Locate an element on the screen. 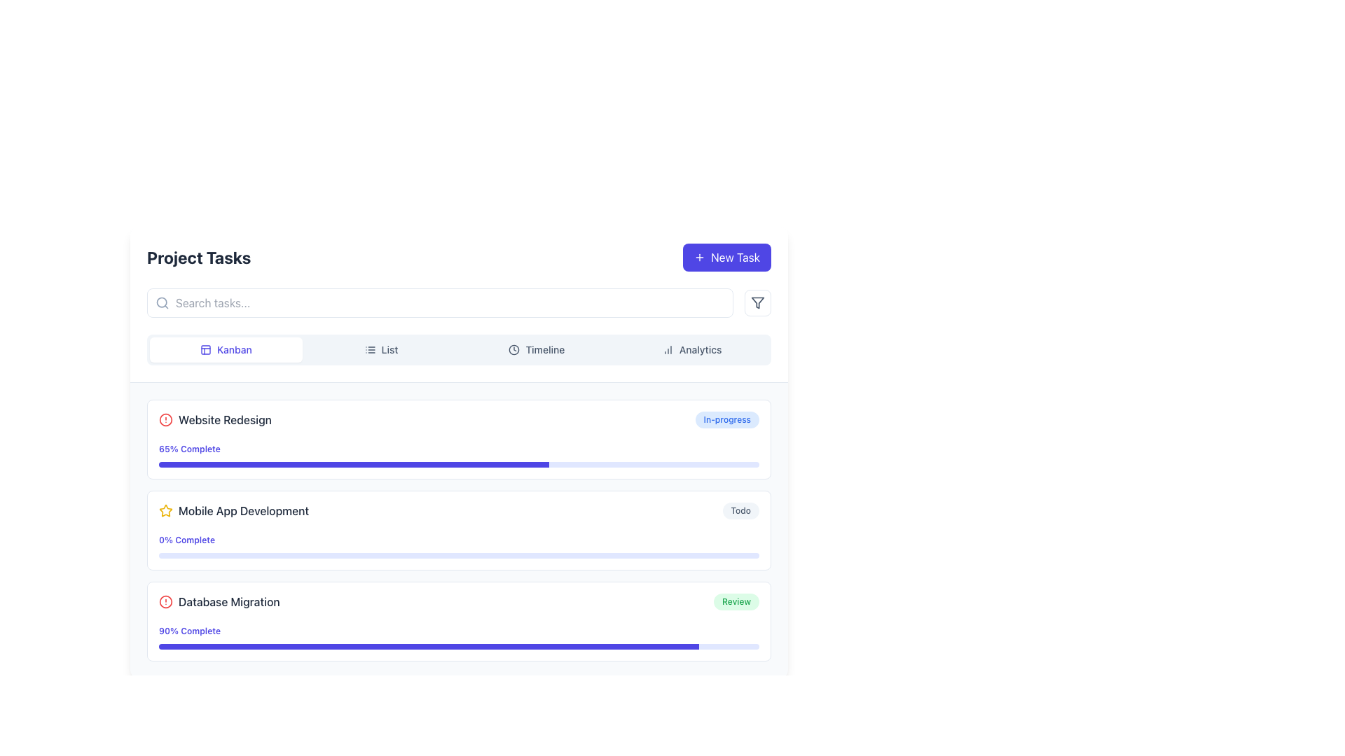 The image size is (1345, 756). the circular red stroke graphic element that is part of the alert icon associated with the Database Migration task is located at coordinates (165, 601).